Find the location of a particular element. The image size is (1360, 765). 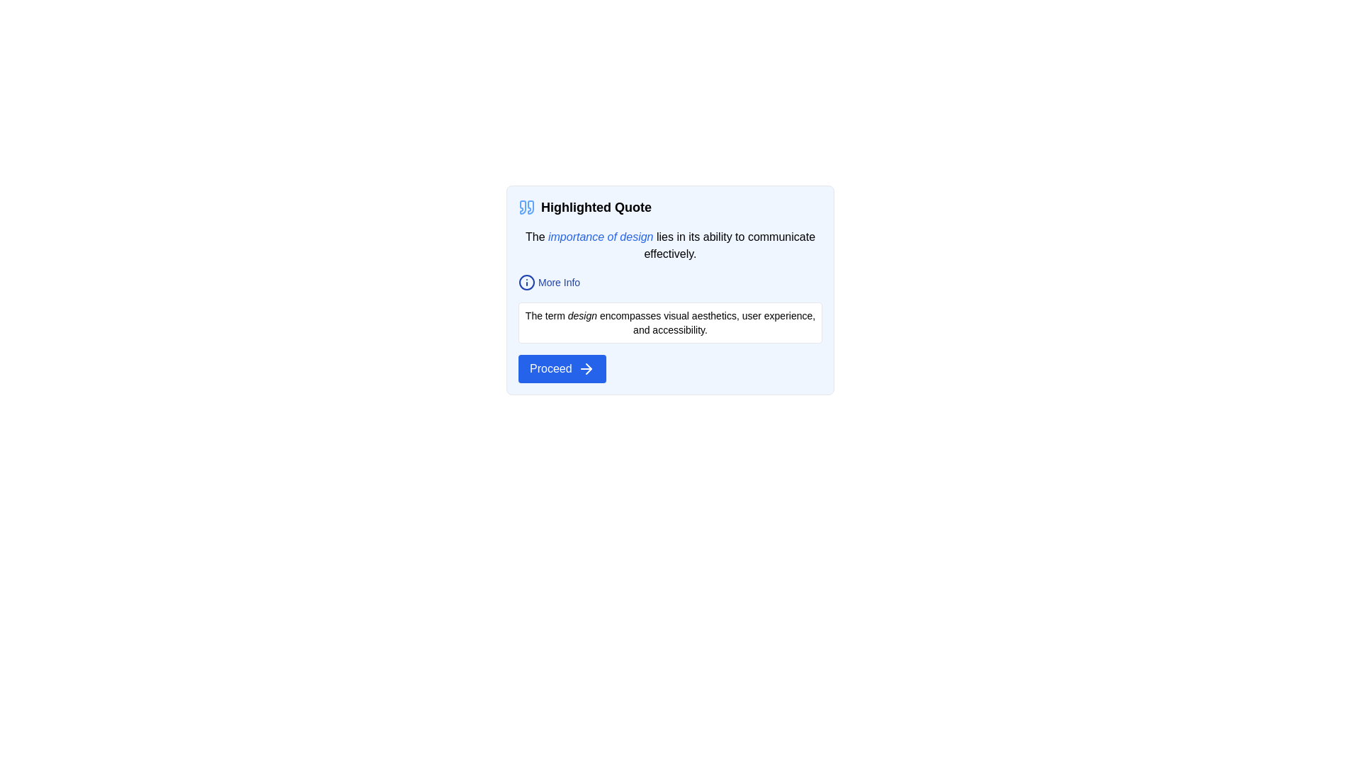

the 'More Info' text label with an information icon to underline it is located at coordinates (548, 282).